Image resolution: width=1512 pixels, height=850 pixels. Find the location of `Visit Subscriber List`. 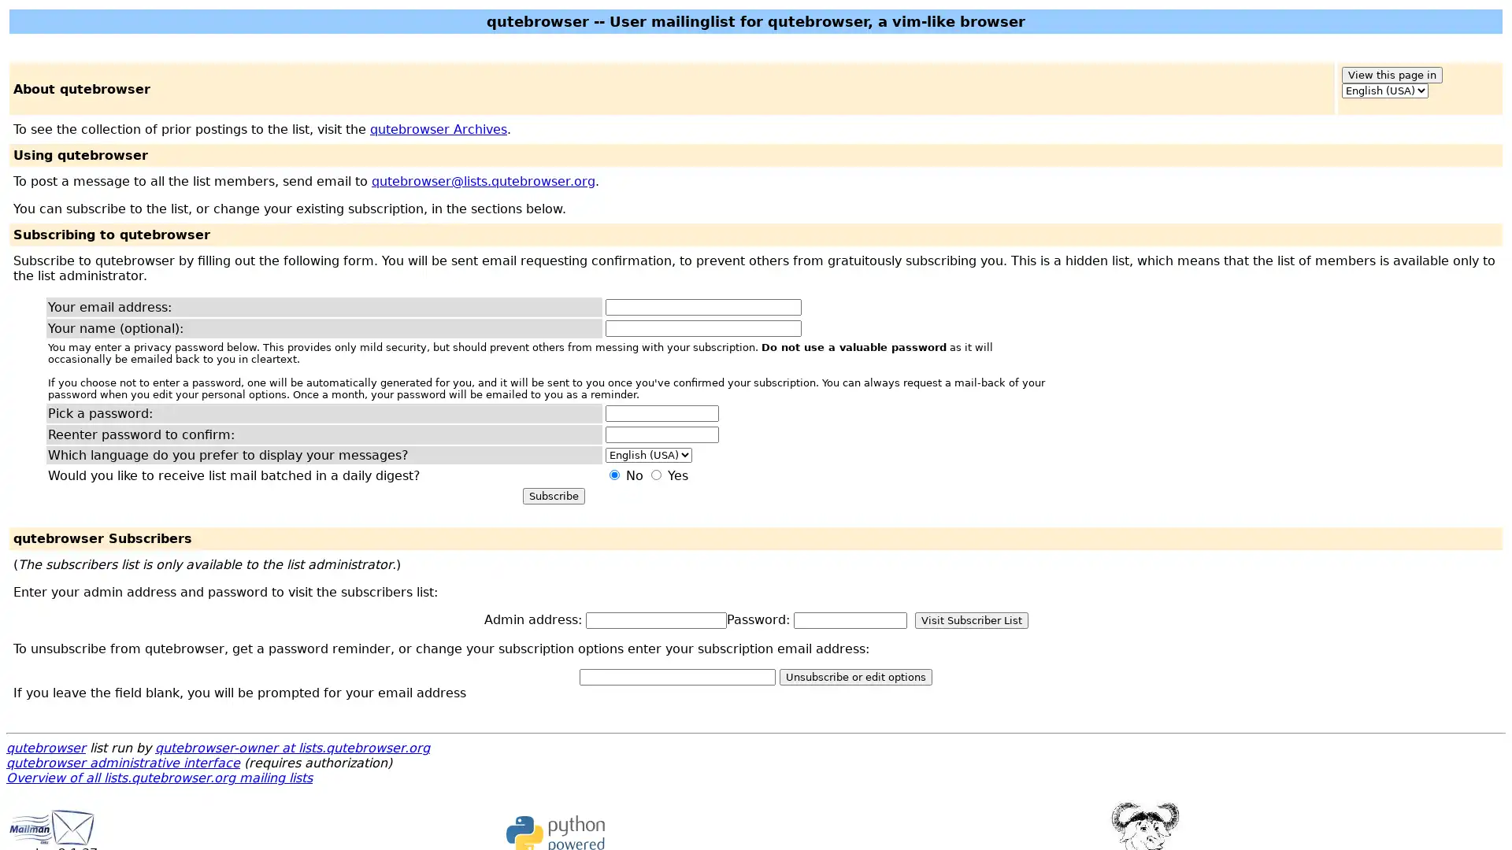

Visit Subscriber List is located at coordinates (970, 619).